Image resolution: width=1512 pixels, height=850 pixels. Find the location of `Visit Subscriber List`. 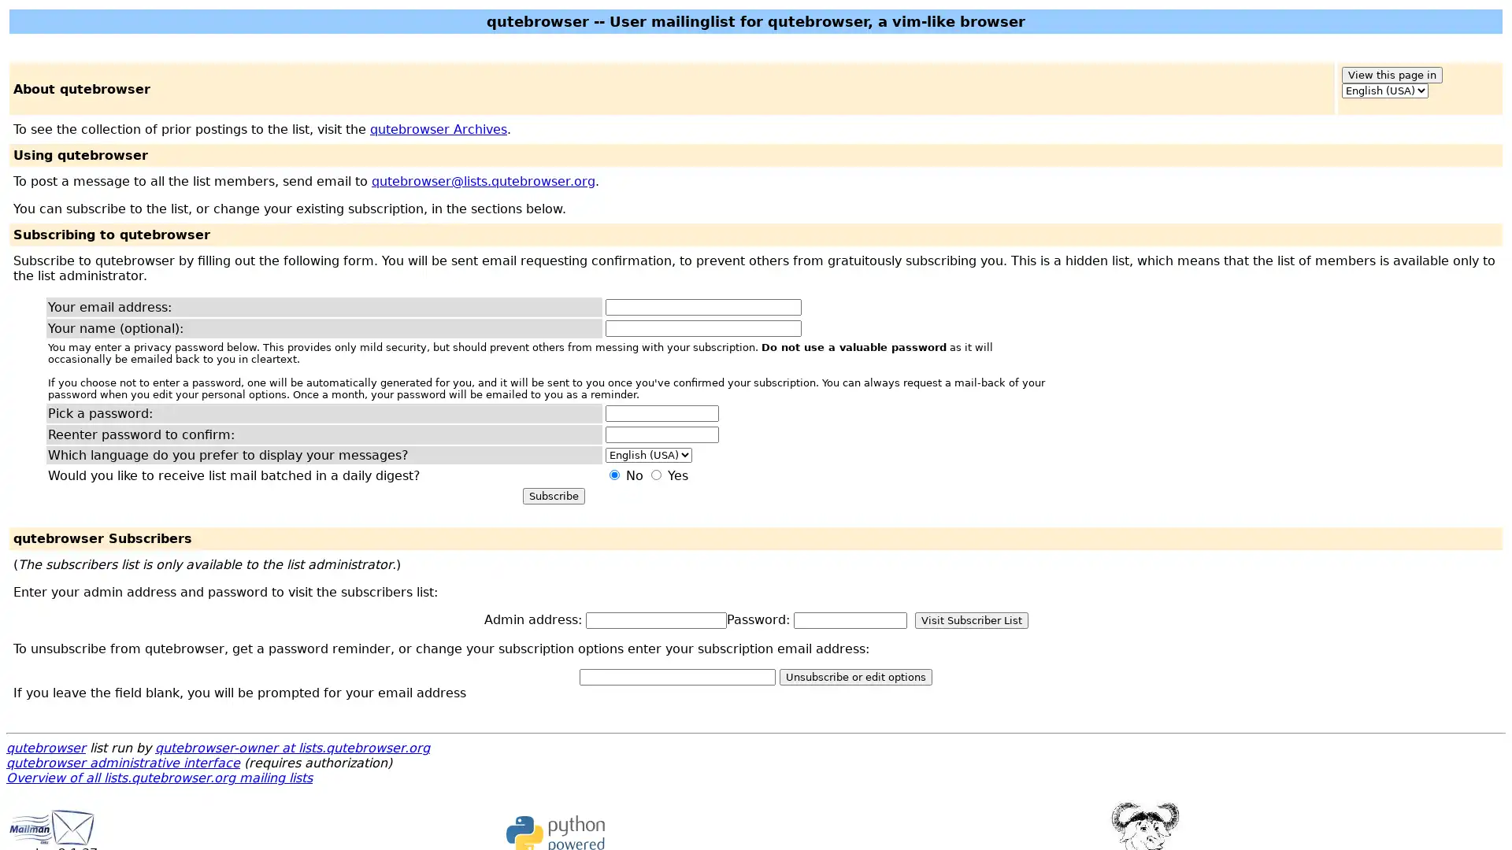

Visit Subscriber List is located at coordinates (970, 619).